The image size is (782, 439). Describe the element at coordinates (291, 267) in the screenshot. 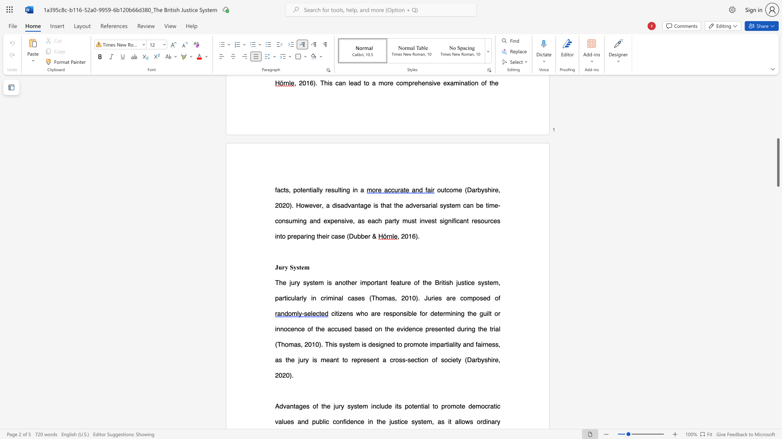

I see `the 1th character "S" in the text` at that location.